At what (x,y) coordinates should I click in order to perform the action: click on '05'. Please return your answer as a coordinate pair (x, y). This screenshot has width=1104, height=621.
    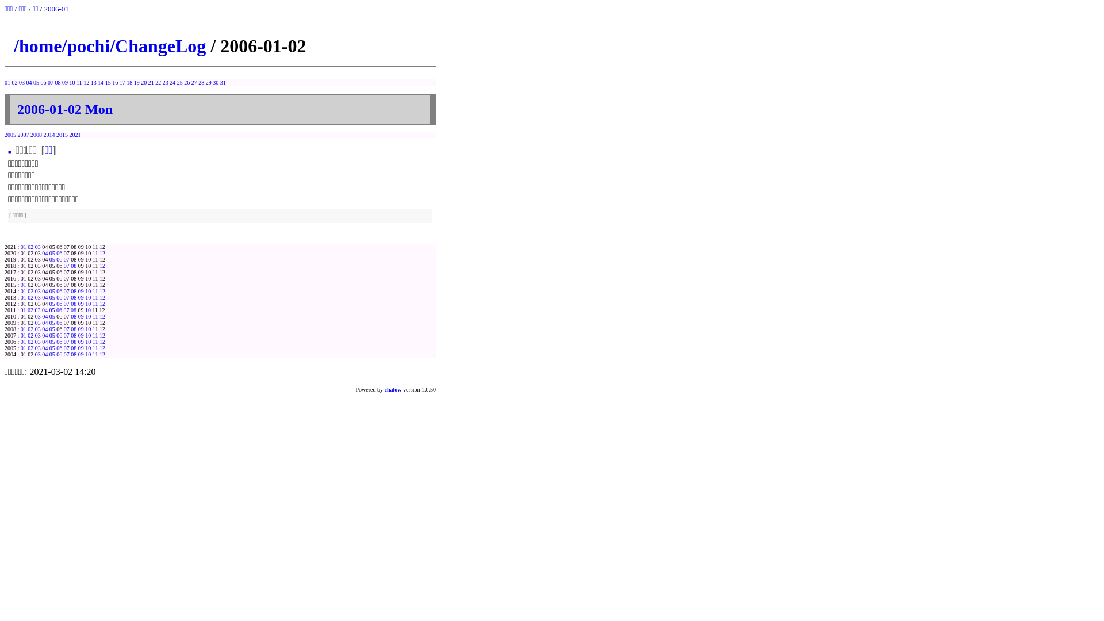
    Looking at the image, I should click on (52, 252).